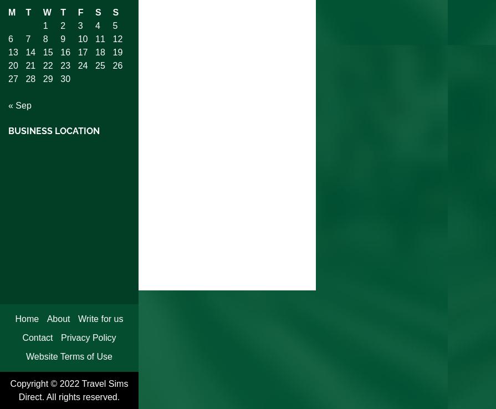 The width and height of the screenshot is (496, 409). What do you see at coordinates (100, 51) in the screenshot?
I see `'18'` at bounding box center [100, 51].